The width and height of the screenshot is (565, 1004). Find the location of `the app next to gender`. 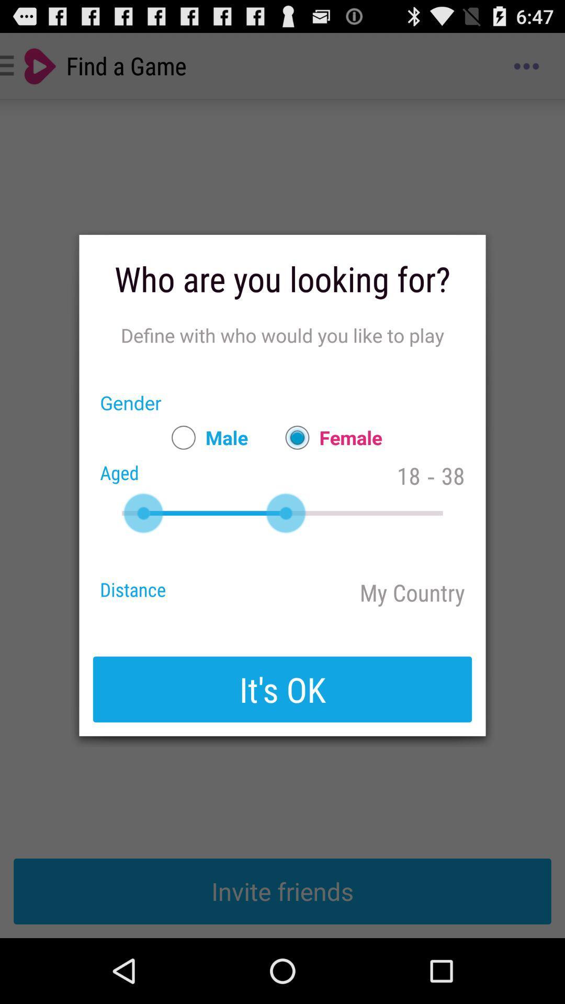

the app next to gender is located at coordinates (205, 437).